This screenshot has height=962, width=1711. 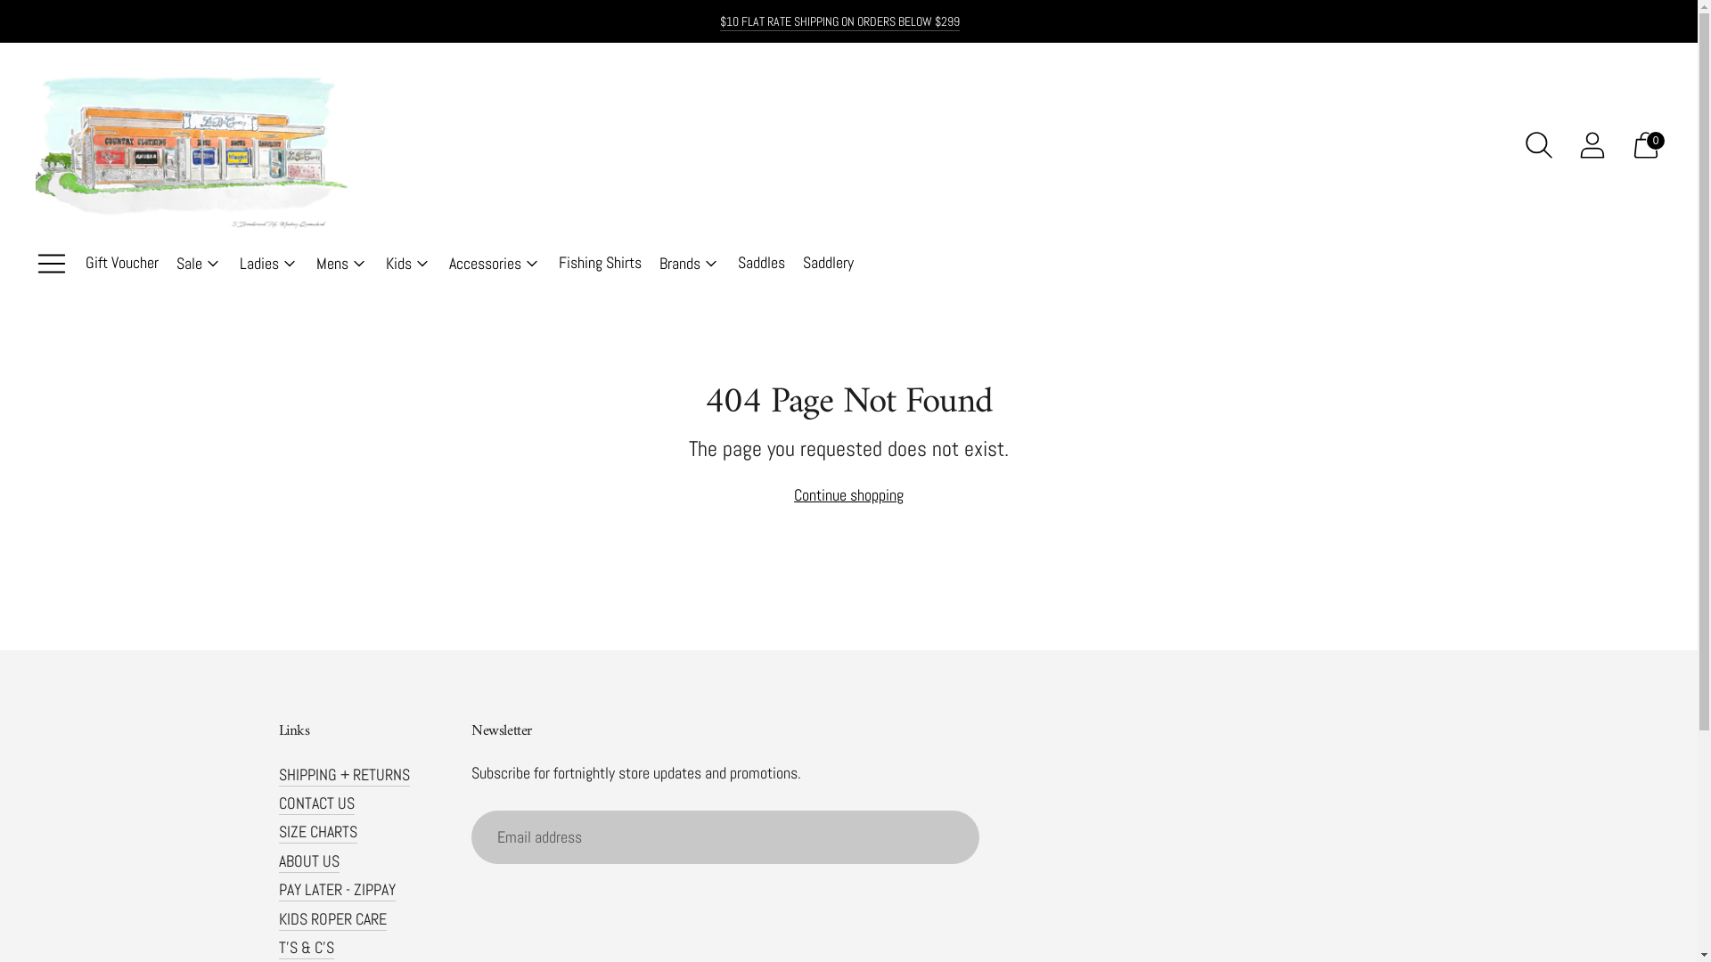 What do you see at coordinates (268, 264) in the screenshot?
I see `'Ladies'` at bounding box center [268, 264].